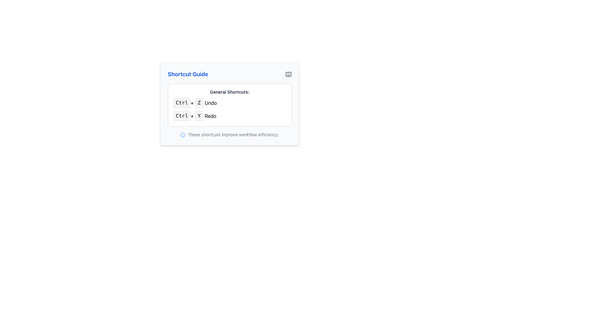 The image size is (597, 336). I want to click on the 'Ctrl' key indicator within the 'Ctrl + Z Undo' shortcut list item, so click(181, 103).